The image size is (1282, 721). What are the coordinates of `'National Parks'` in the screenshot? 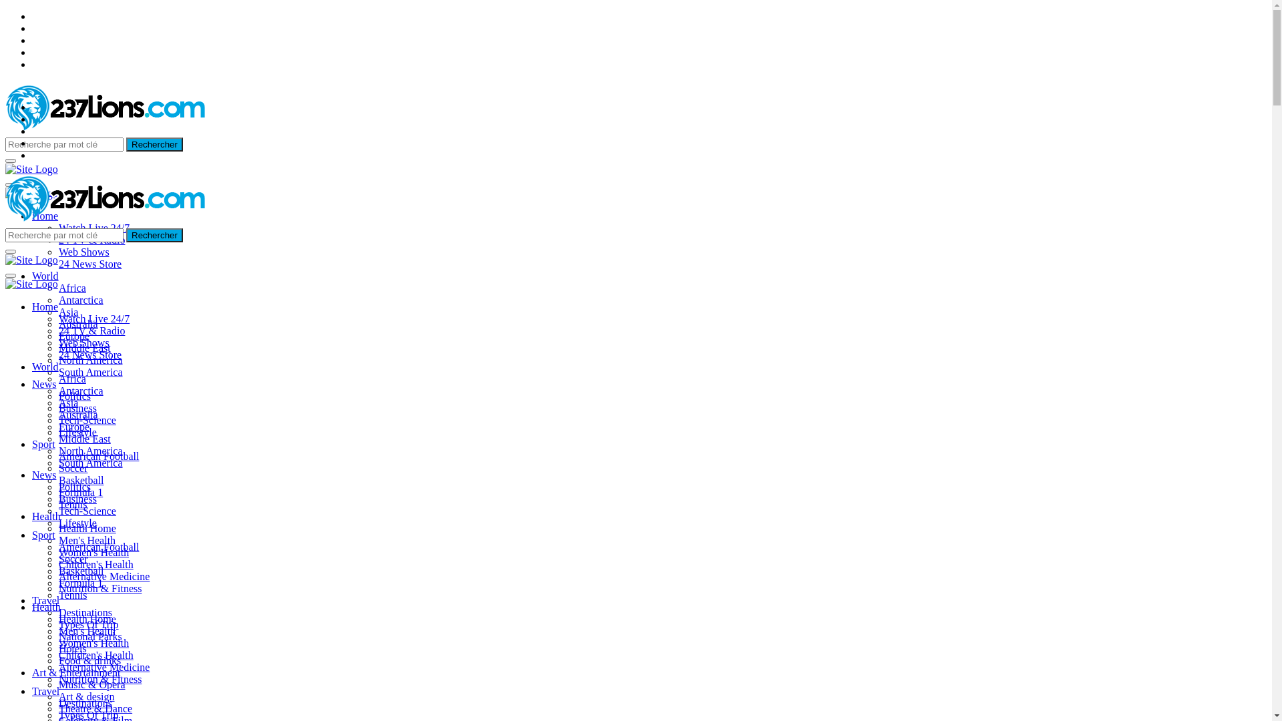 It's located at (89, 636).